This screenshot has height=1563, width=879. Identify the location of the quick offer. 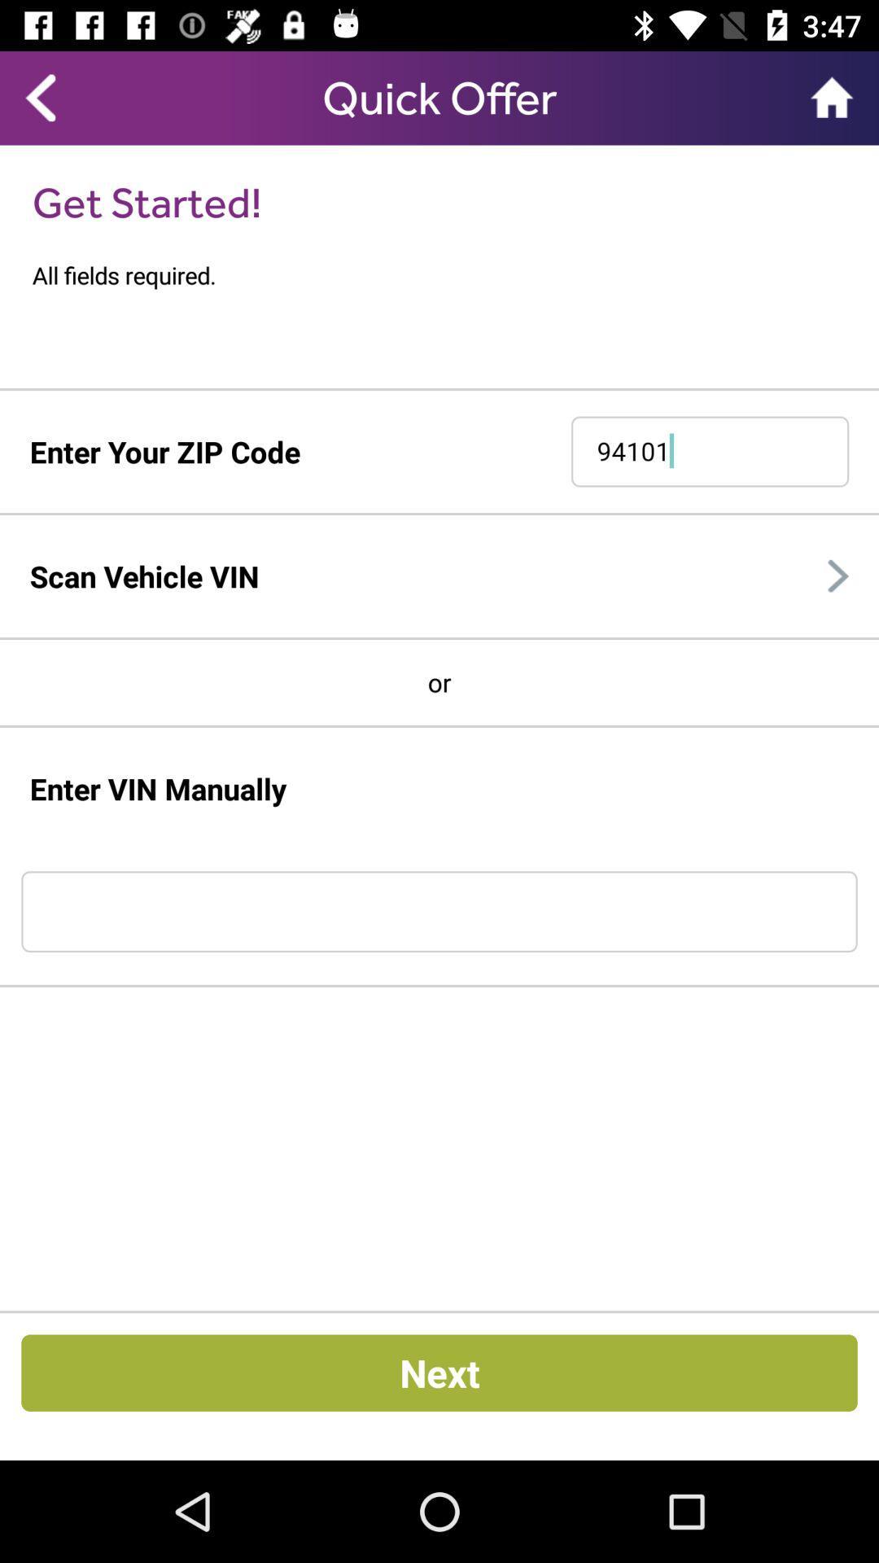
(439, 97).